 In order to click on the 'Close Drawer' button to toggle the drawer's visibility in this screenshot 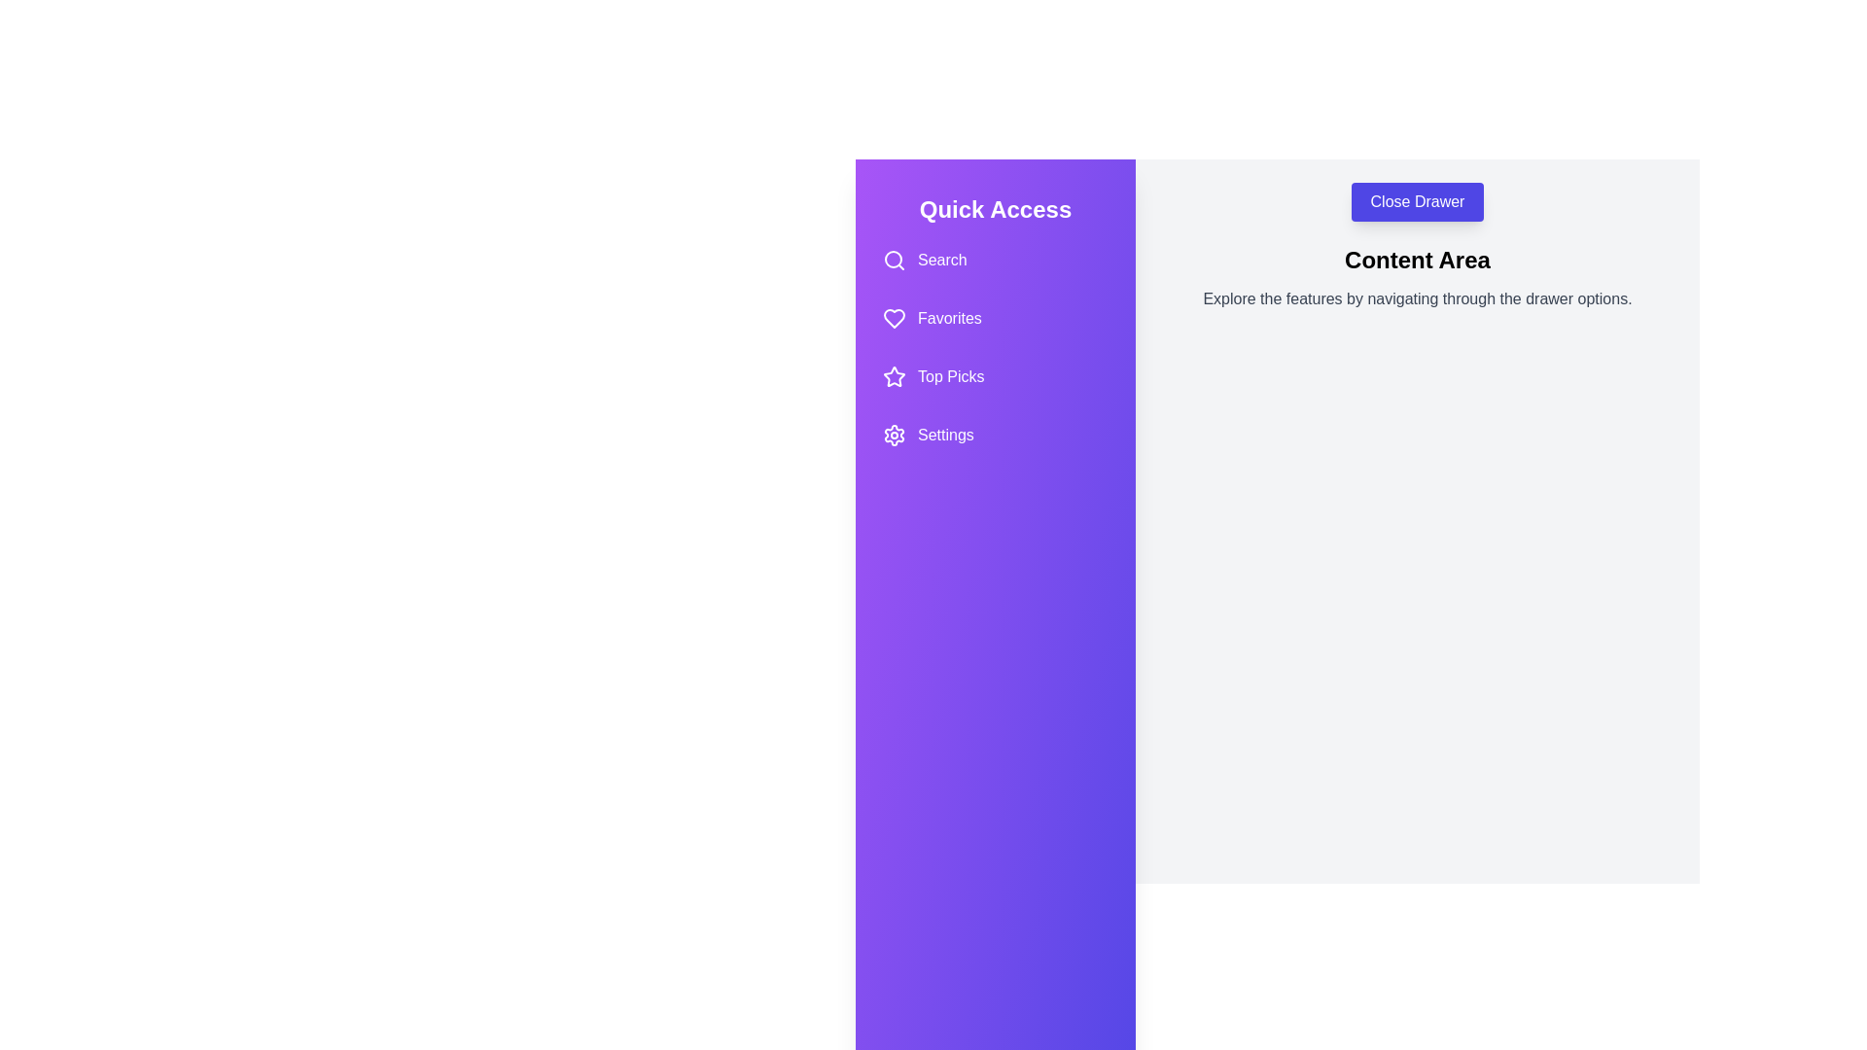, I will do `click(1418, 202)`.